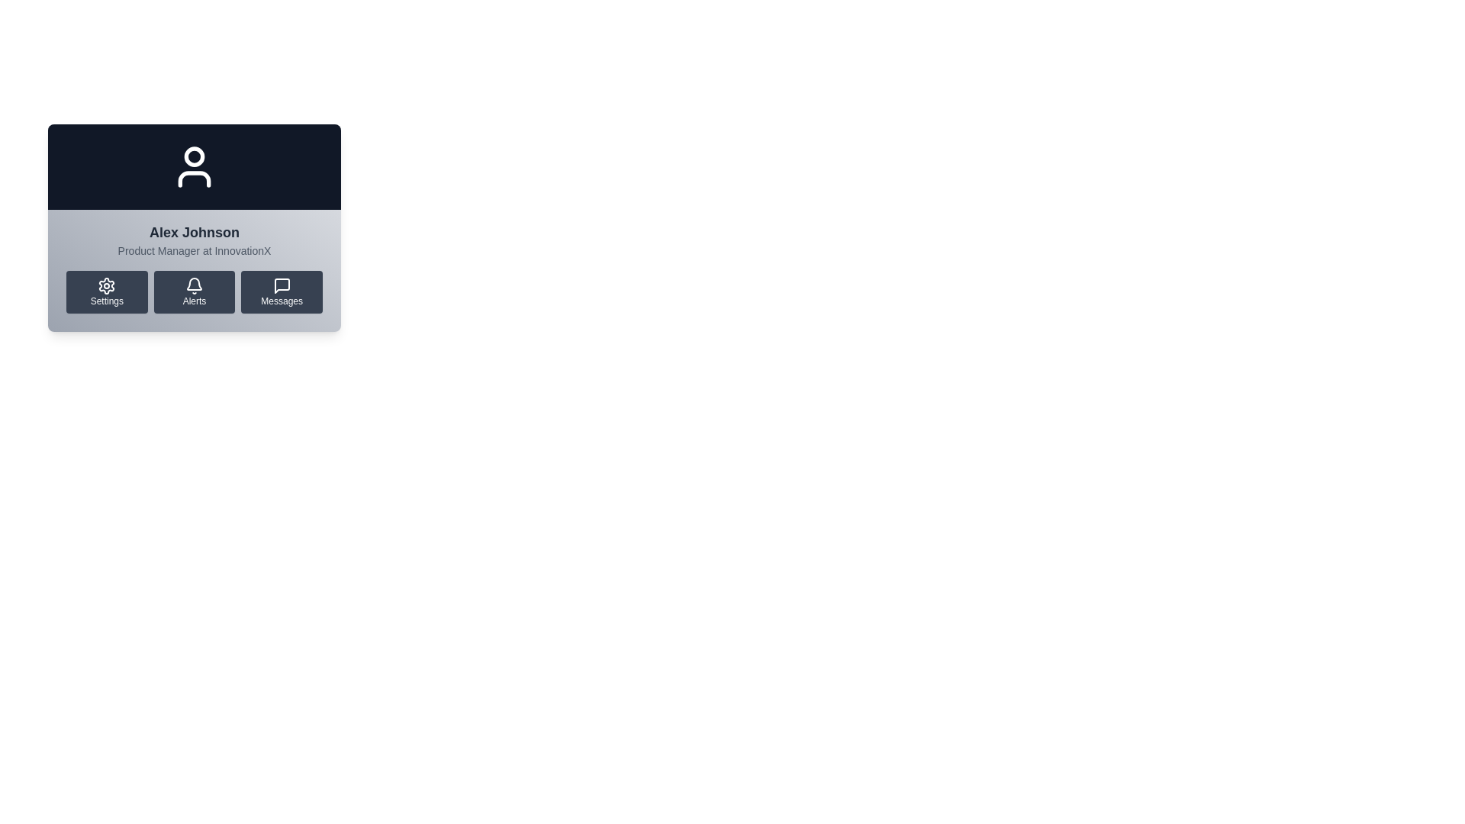 The image size is (1465, 824). Describe the element at coordinates (282, 285) in the screenshot. I see `the stylized speech bubble icon embedded within the 'Messages' button, which is the third icon in a horizontal row of three buttons` at that location.